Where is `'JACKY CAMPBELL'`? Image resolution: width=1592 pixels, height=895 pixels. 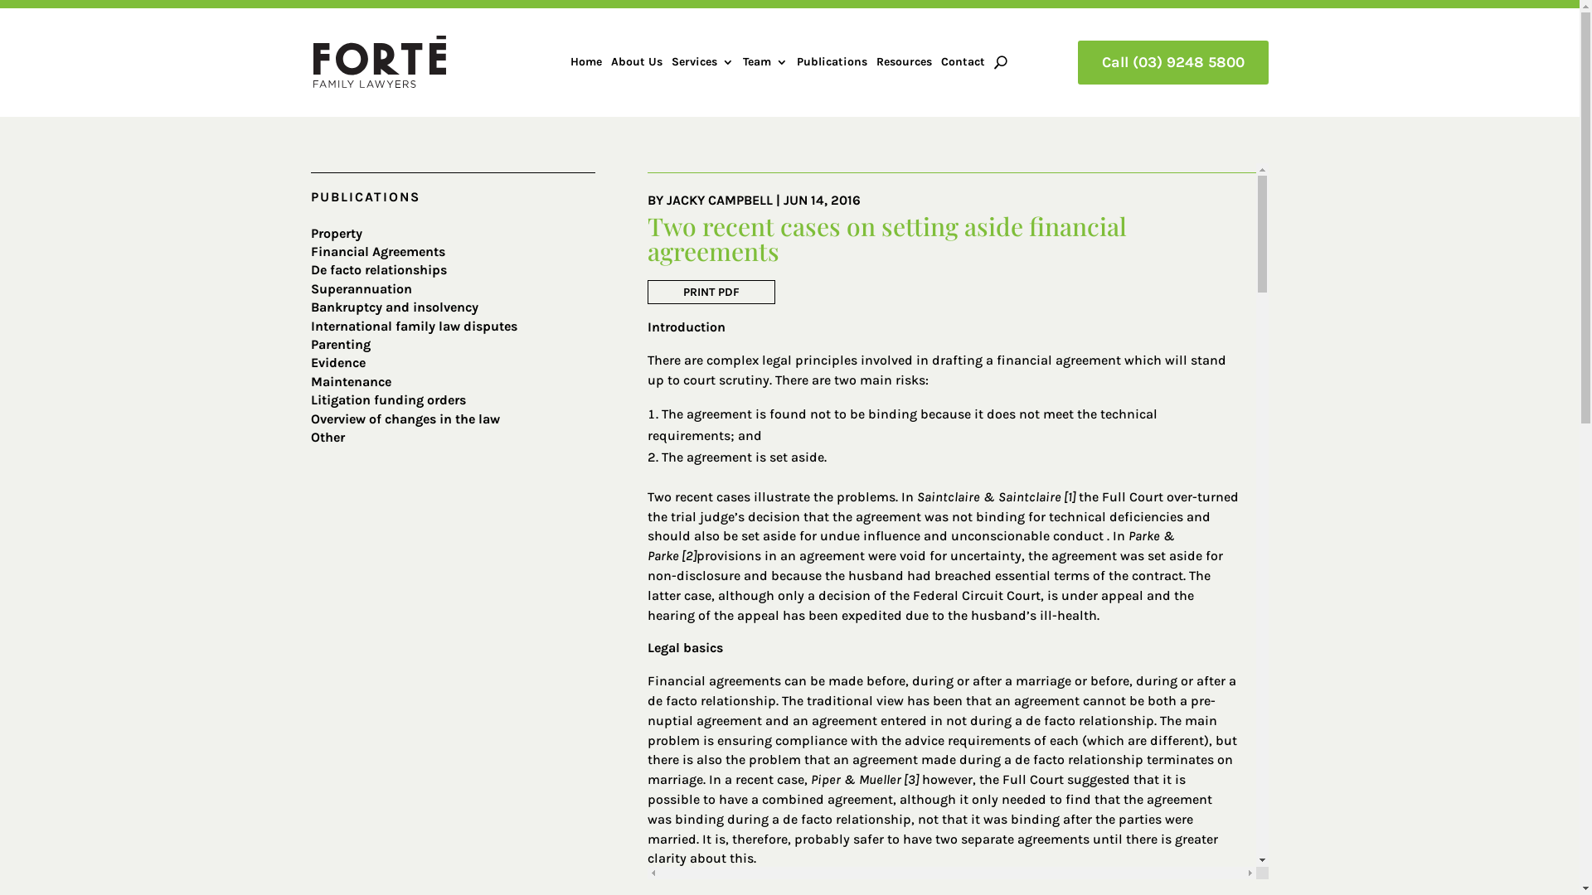 'JACKY CAMPBELL' is located at coordinates (720, 199).